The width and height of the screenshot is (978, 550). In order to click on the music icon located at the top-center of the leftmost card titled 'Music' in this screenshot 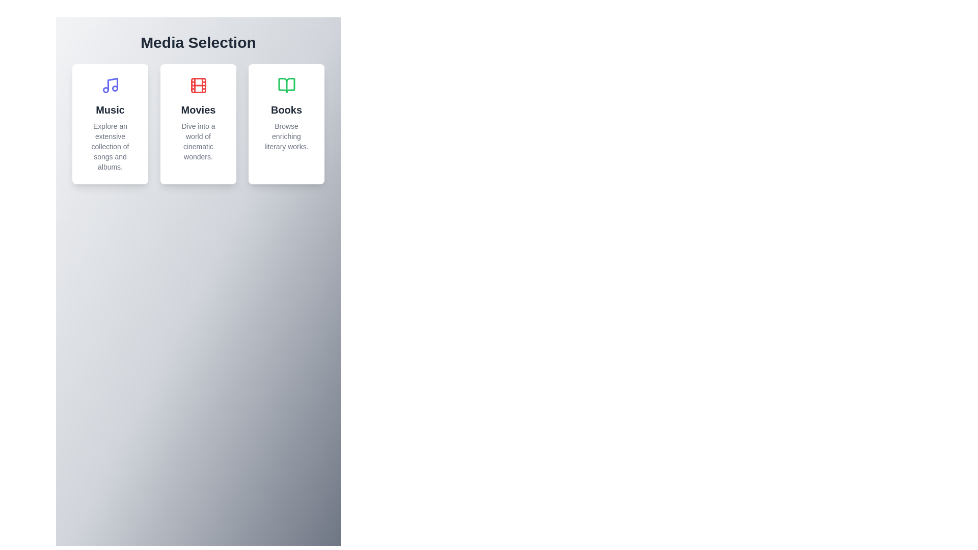, I will do `click(110, 85)`.